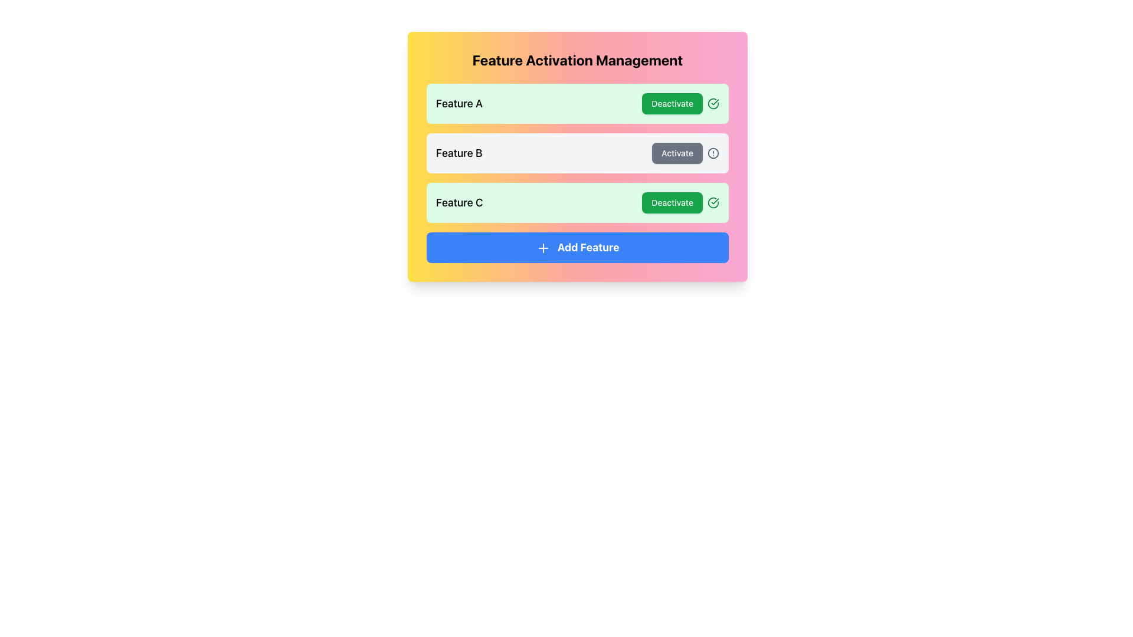 The height and width of the screenshot is (637, 1133). Describe the element at coordinates (680, 103) in the screenshot. I see `'Deactivate' button with a green background and white bold text, located in the right section of the panel for Feature A, to check for tooltip or additional details` at that location.